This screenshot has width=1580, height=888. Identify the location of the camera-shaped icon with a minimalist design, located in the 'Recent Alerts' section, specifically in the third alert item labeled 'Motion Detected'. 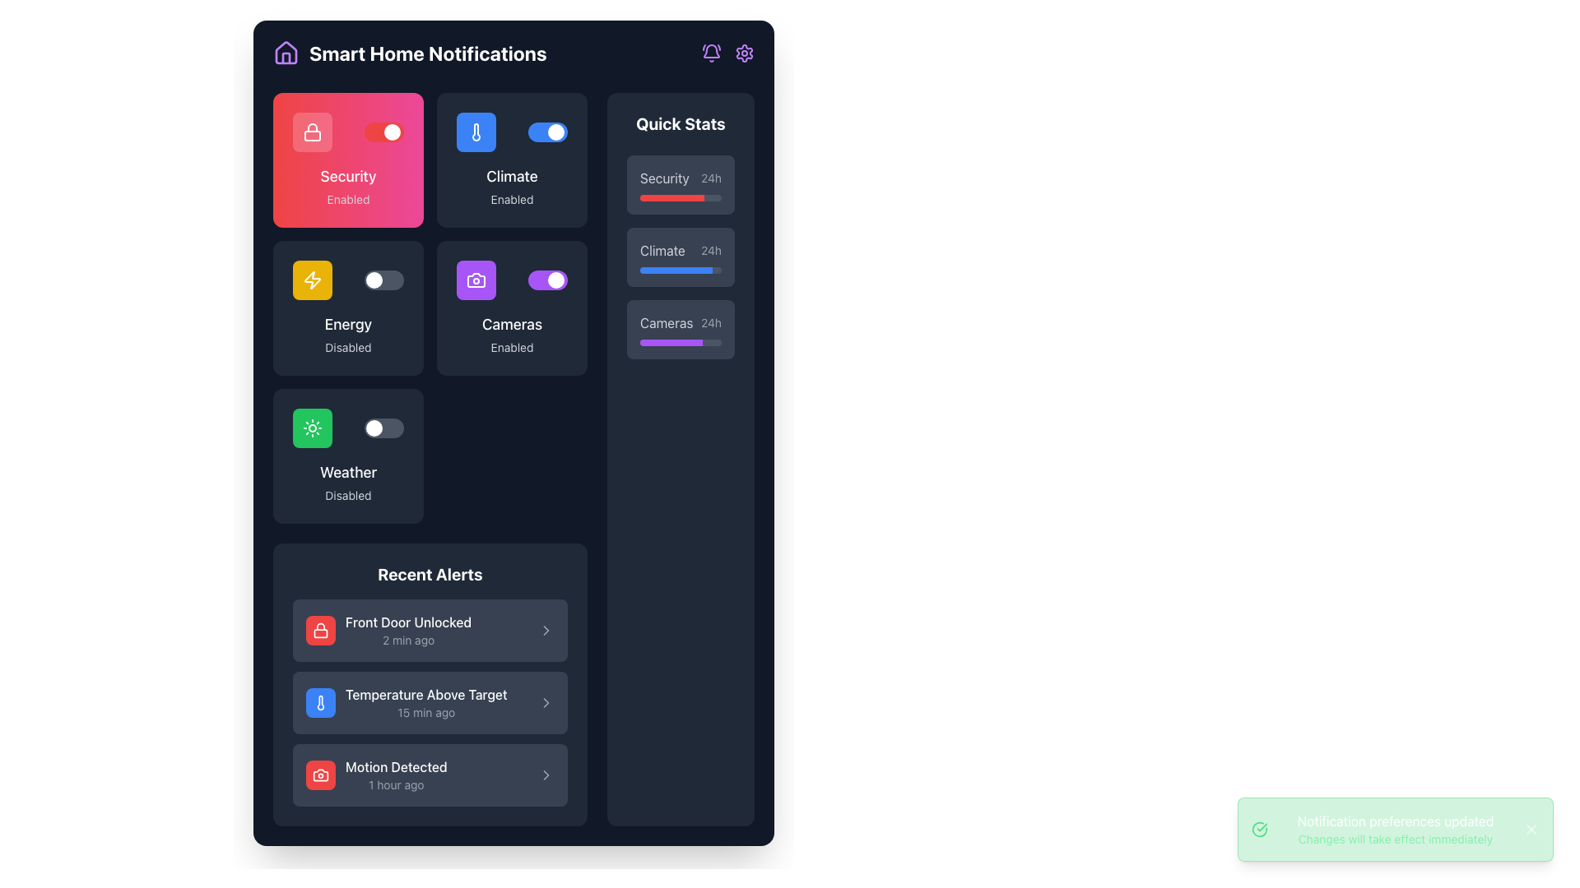
(320, 775).